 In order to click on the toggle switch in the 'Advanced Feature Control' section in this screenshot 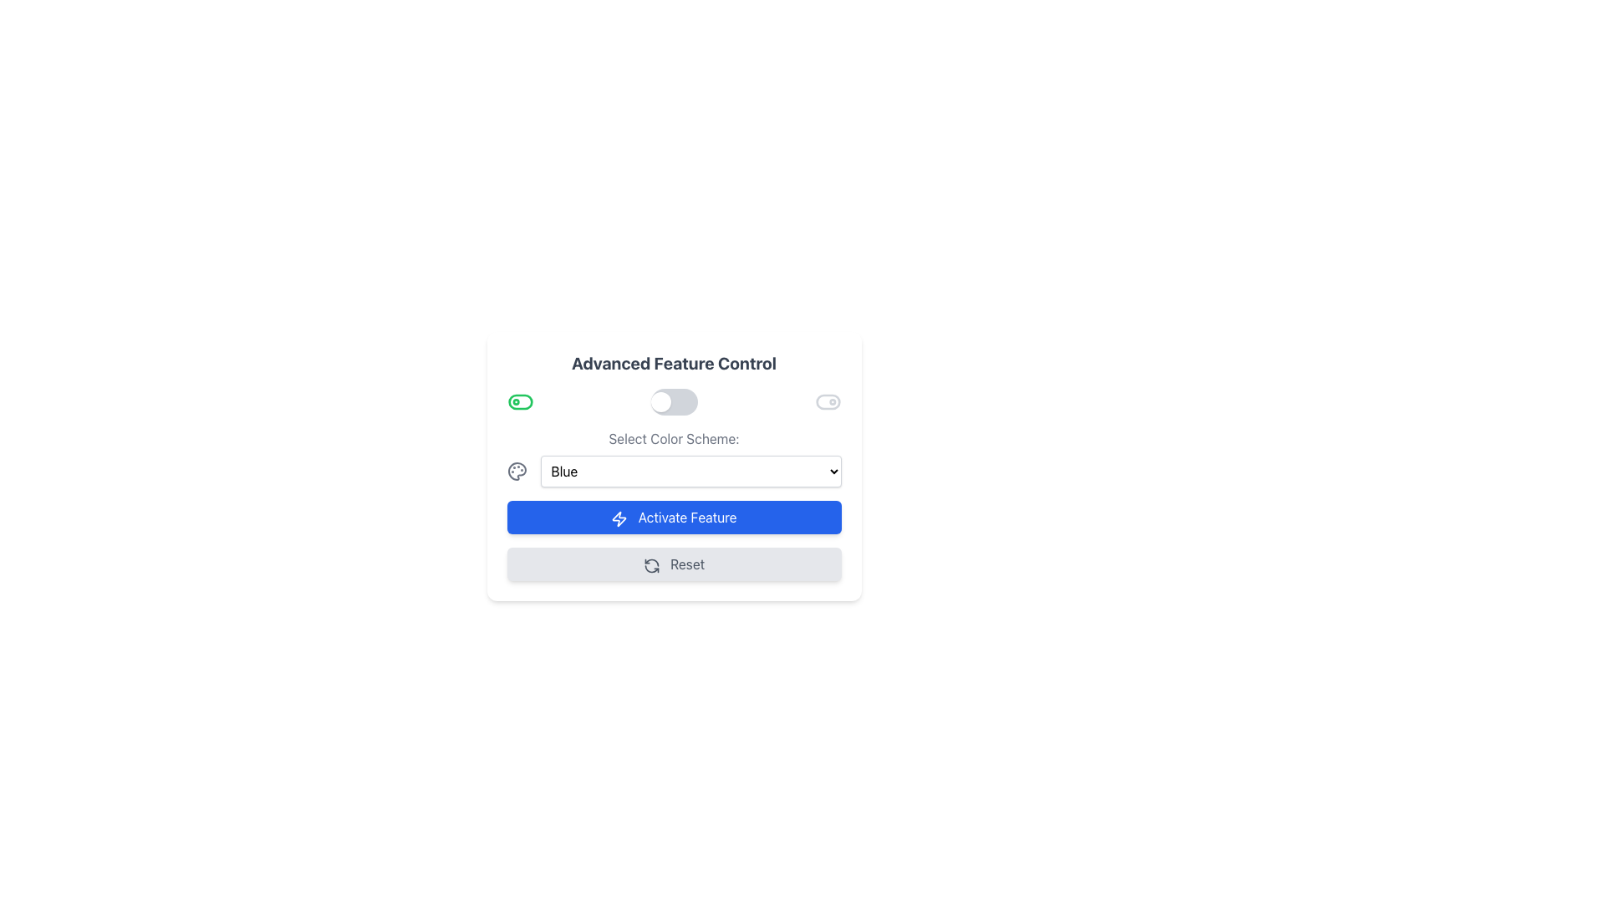, I will do `click(674, 402)`.